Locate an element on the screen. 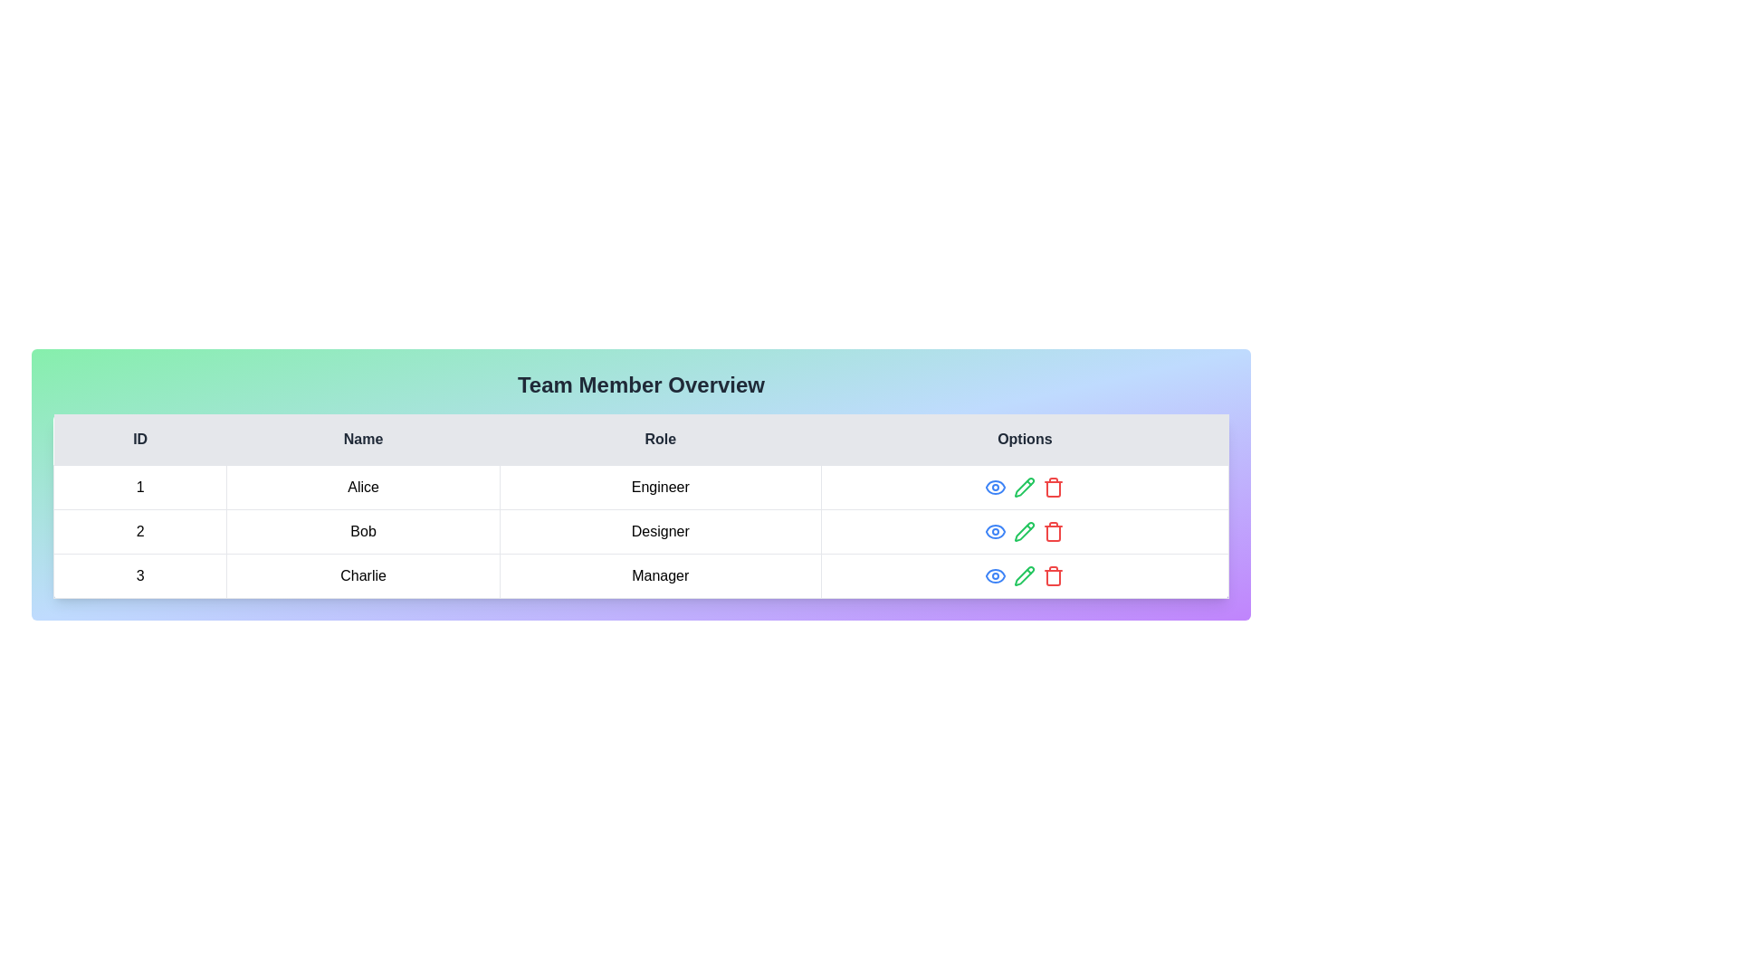 The height and width of the screenshot is (977, 1738). the row corresponding to 2 is located at coordinates (641, 530).